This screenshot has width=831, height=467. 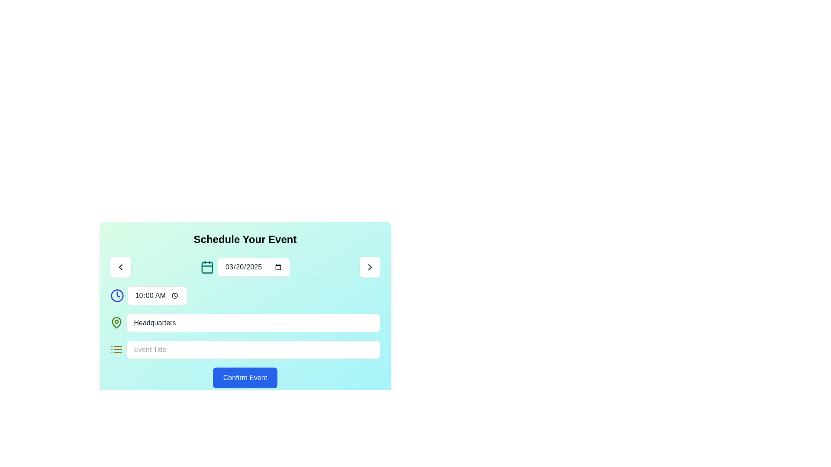 I want to click on the circular button with a left-pointing chevron icon, which is the first interactive button in the horizontal menu layout, so click(x=120, y=266).